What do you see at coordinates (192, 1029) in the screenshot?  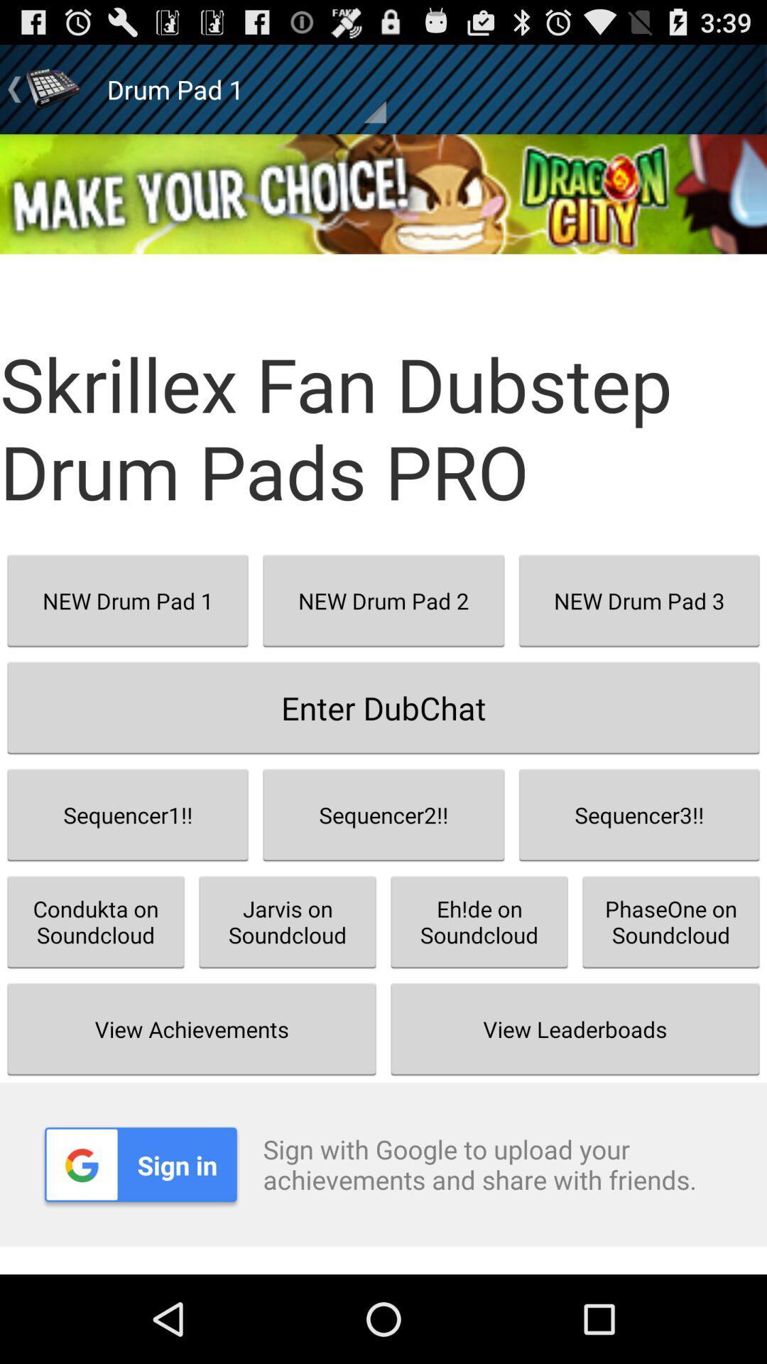 I see `the view achievements icon` at bounding box center [192, 1029].